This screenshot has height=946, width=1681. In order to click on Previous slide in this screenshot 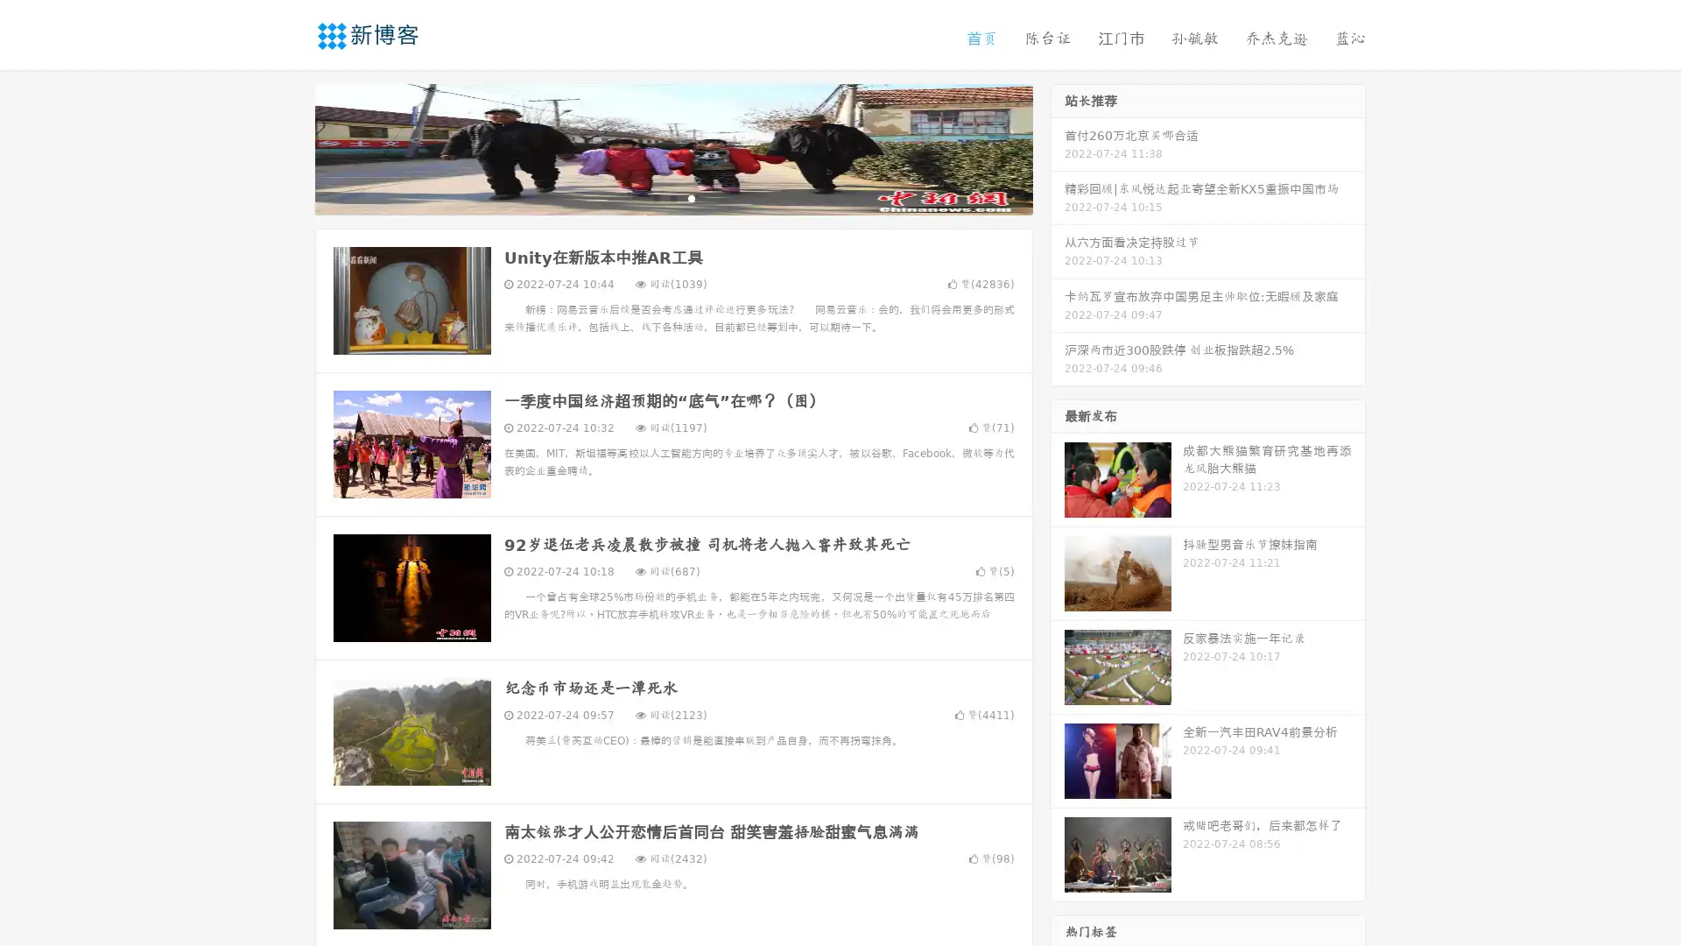, I will do `click(289, 147)`.